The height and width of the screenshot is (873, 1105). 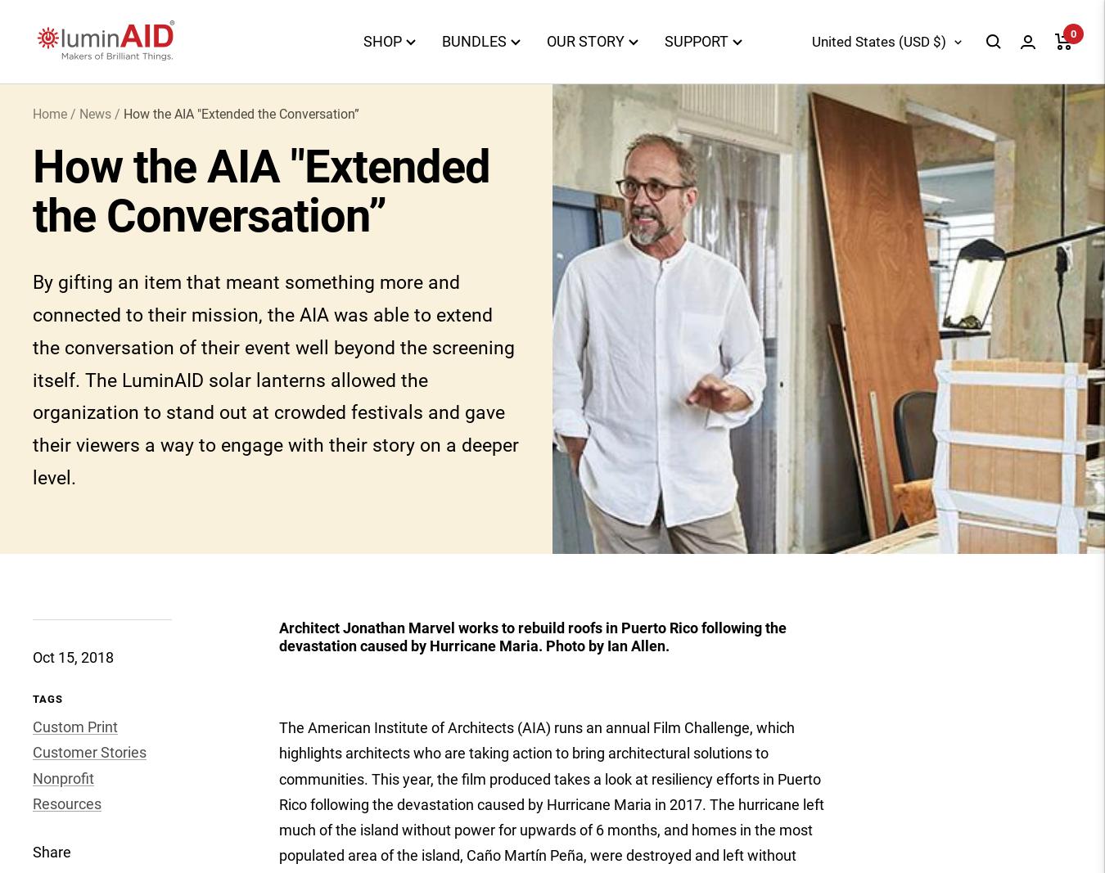 I want to click on 'BUNDLES', so click(x=473, y=40).